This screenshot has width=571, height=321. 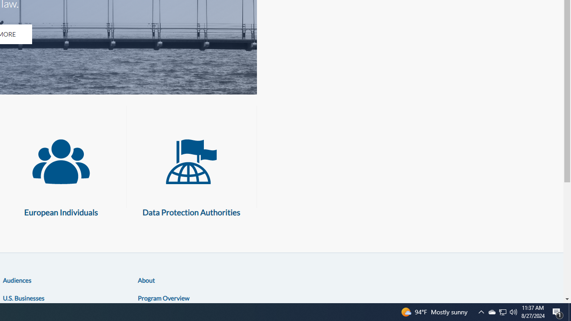 I want to click on 'European Individuals European Individuals', so click(x=60, y=173).